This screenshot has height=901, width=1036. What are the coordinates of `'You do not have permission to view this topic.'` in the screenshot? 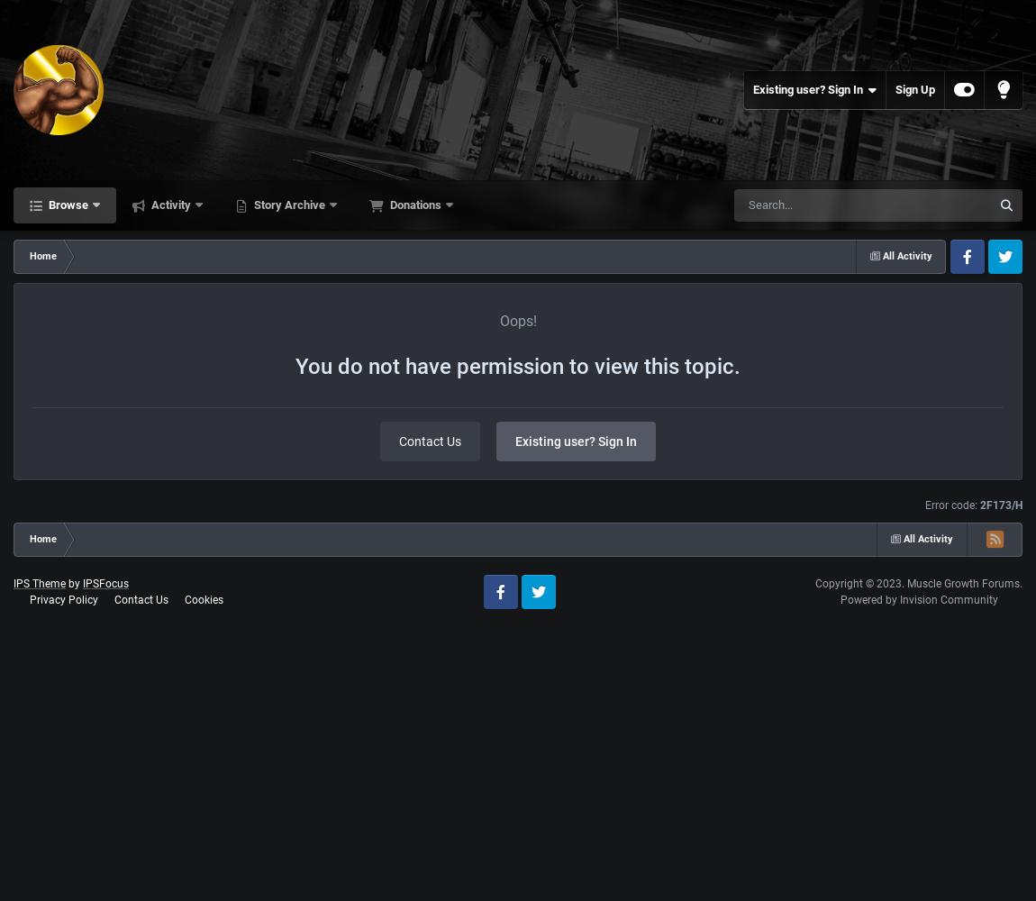 It's located at (518, 367).